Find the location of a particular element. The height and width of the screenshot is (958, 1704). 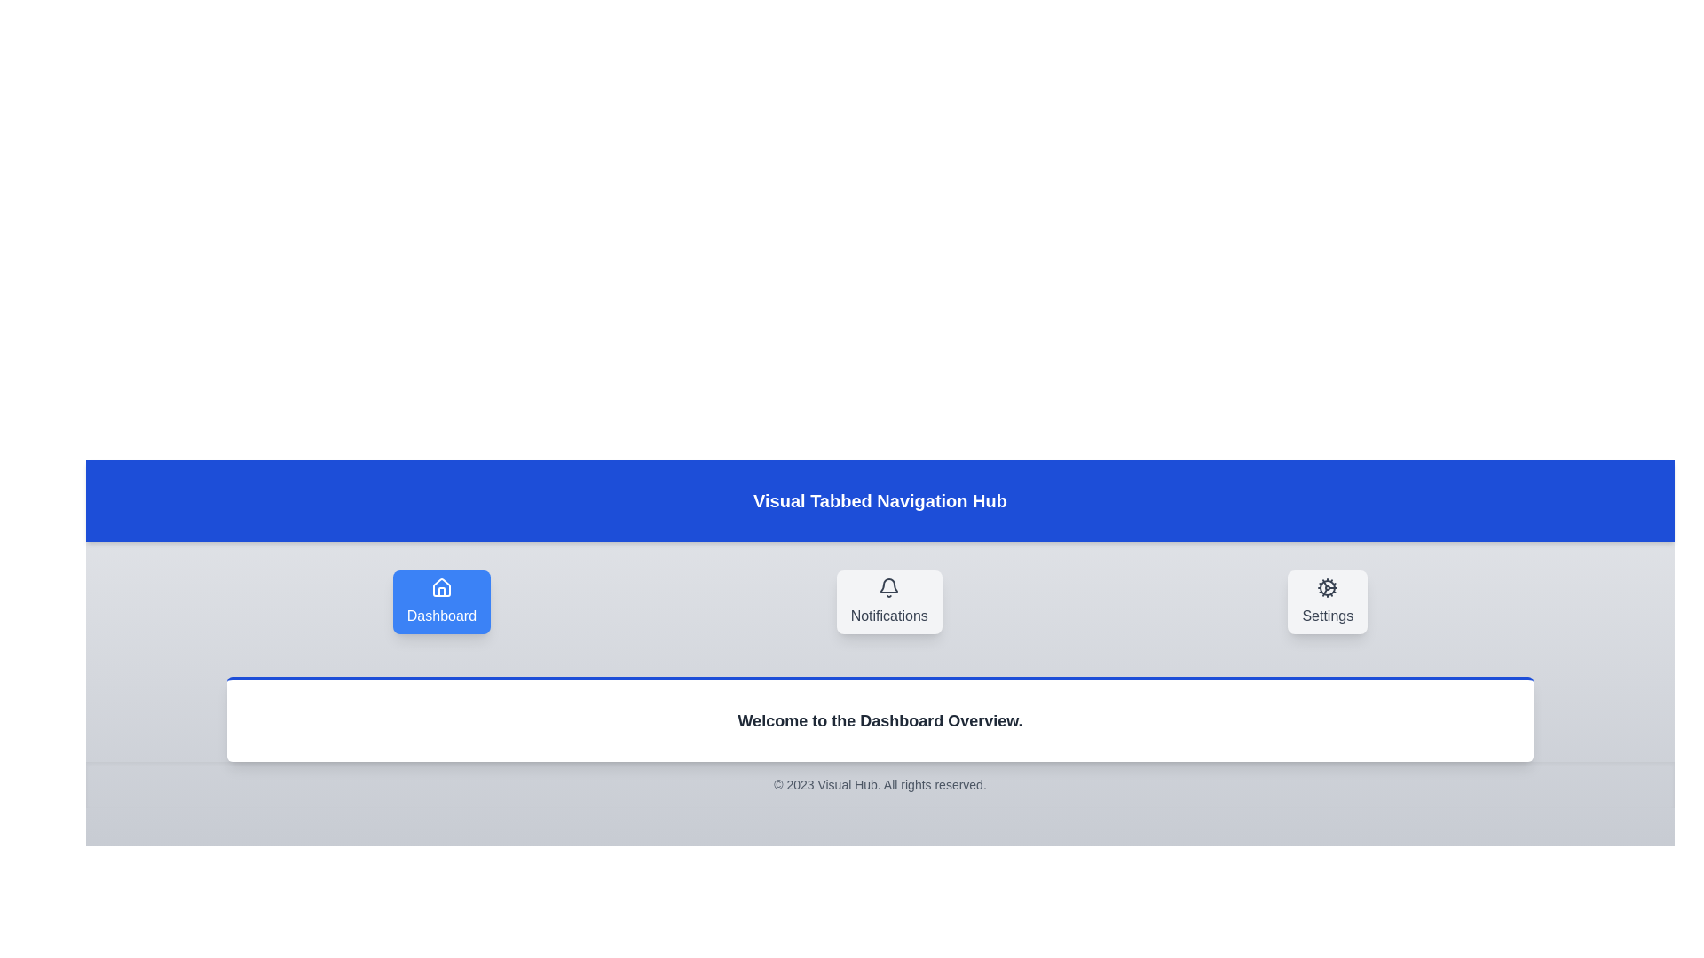

the text label that indicates a notification-related function, located below the bell icon in the center of the navigation bar is located at coordinates (889, 615).